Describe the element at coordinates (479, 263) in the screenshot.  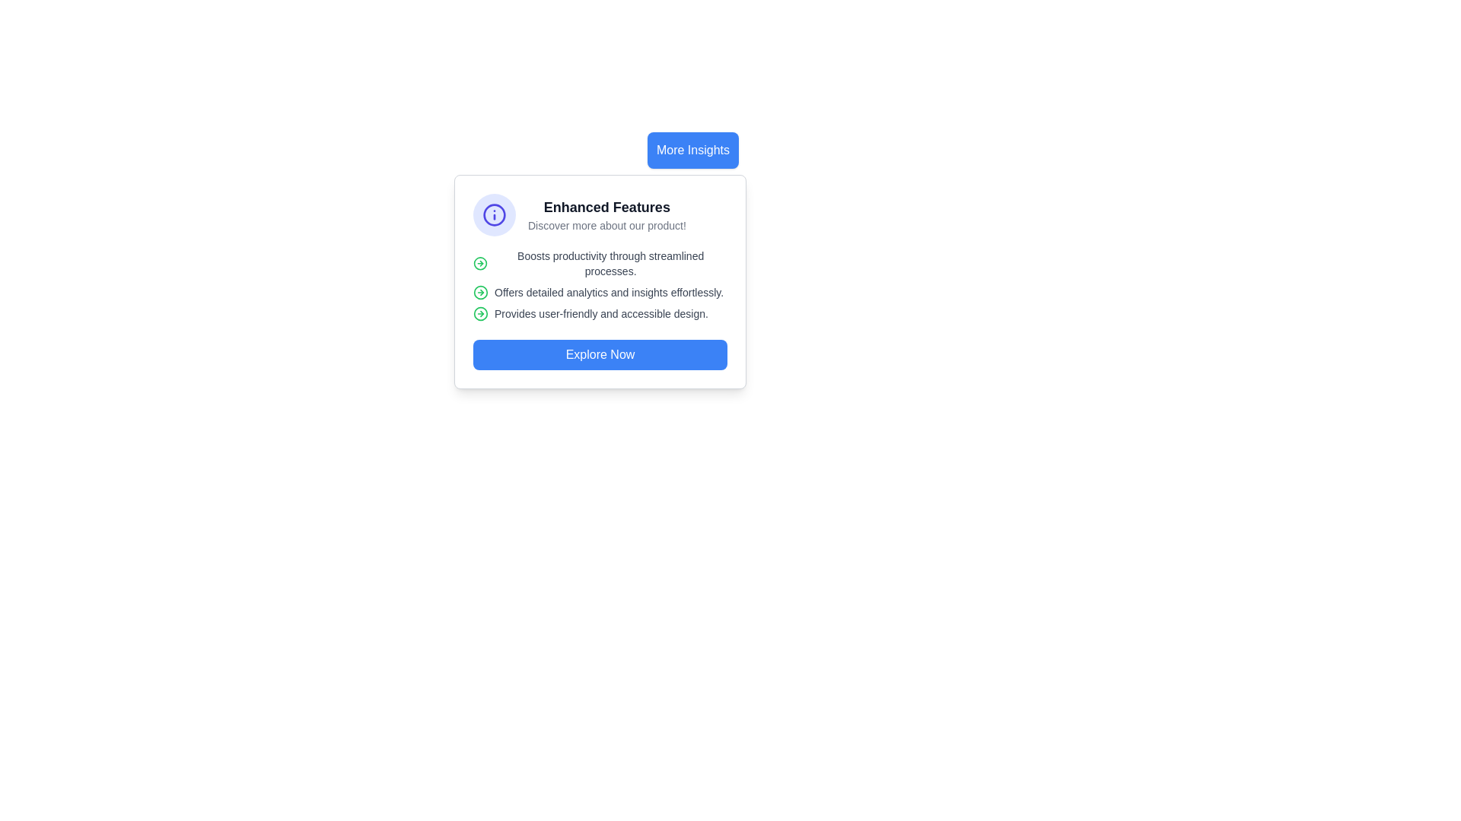
I see `the circular arrow icon with a green border, which indicates a positive action, positioned before the text 'Boosts productivity through streamlined processes.'` at that location.